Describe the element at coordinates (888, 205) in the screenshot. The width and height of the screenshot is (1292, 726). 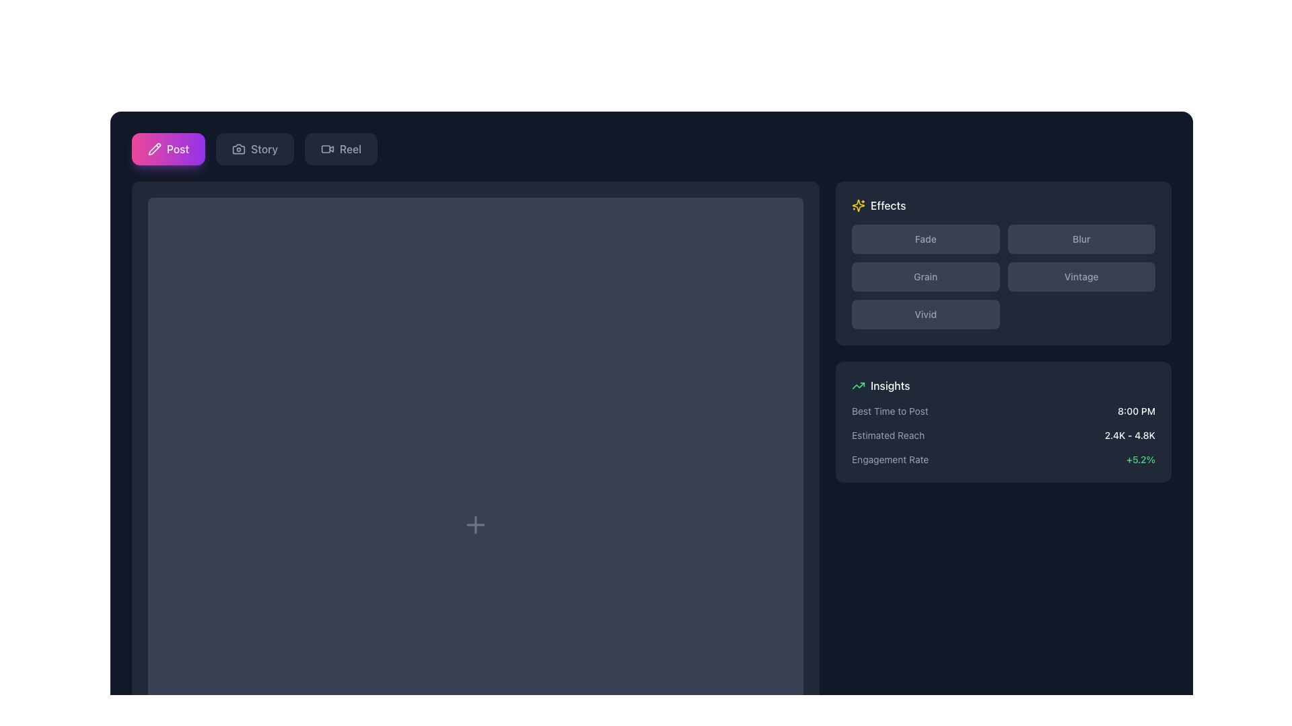
I see `the information content displayed in the 'Effects' textual label styled in white on a dark background, located in the upper-right section of the interface` at that location.